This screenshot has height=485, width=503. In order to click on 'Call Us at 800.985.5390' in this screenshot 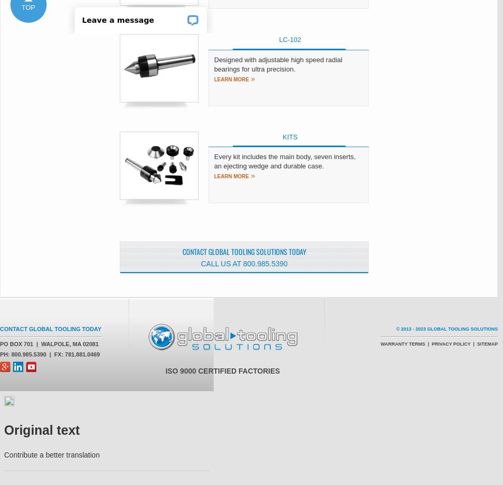, I will do `click(200, 263)`.